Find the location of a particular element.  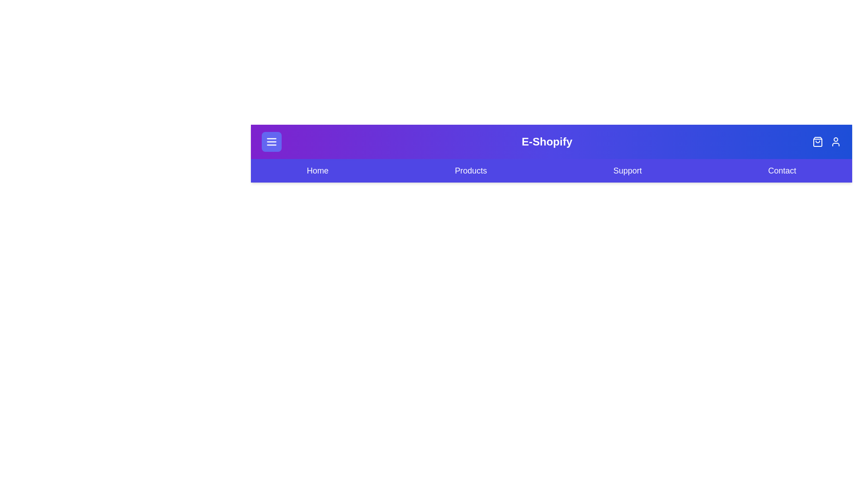

the navigation menu item Products is located at coordinates (470, 171).